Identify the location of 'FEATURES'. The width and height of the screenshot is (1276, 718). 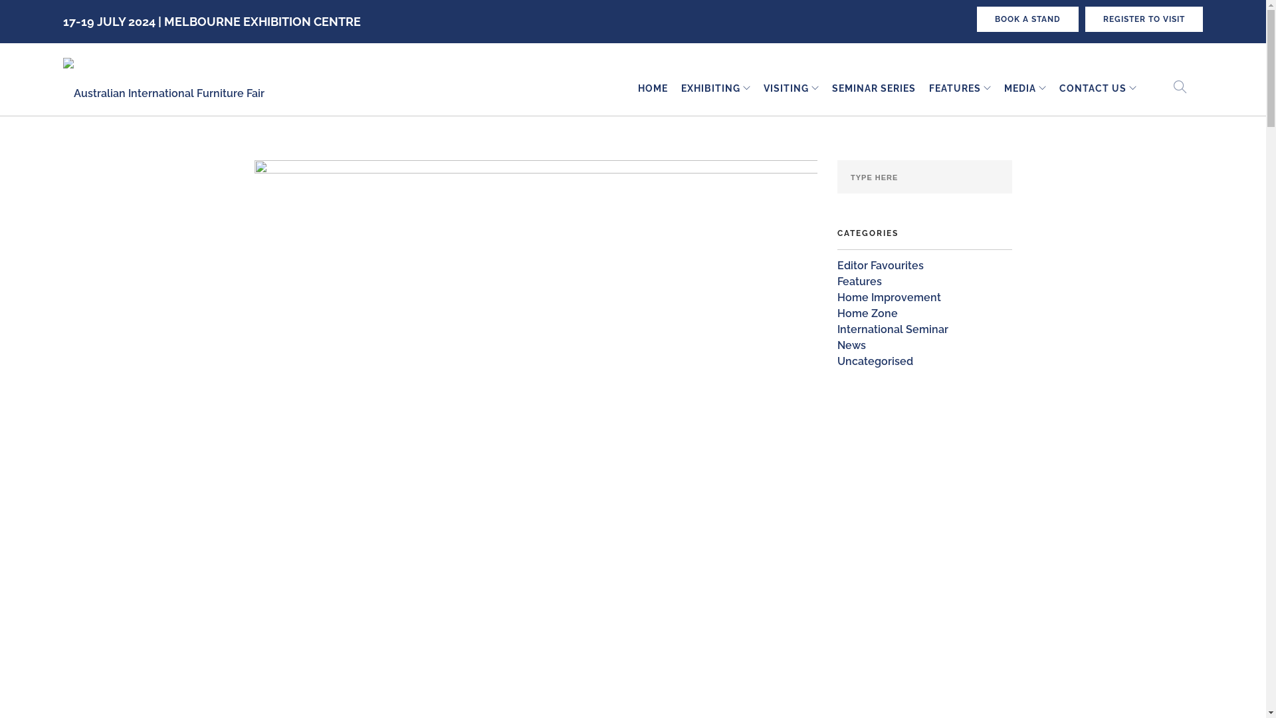
(954, 88).